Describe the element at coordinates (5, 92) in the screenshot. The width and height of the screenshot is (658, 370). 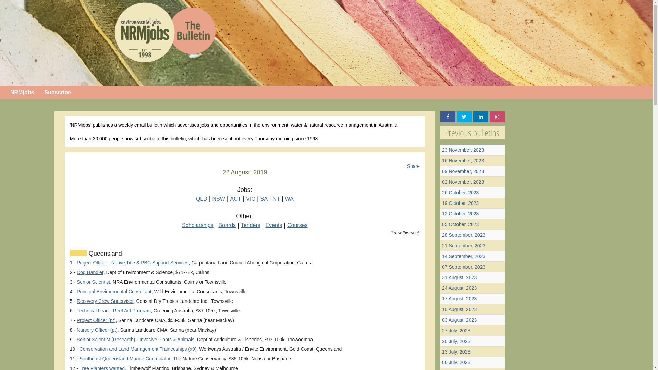
I see `'NRMjobs'` at that location.